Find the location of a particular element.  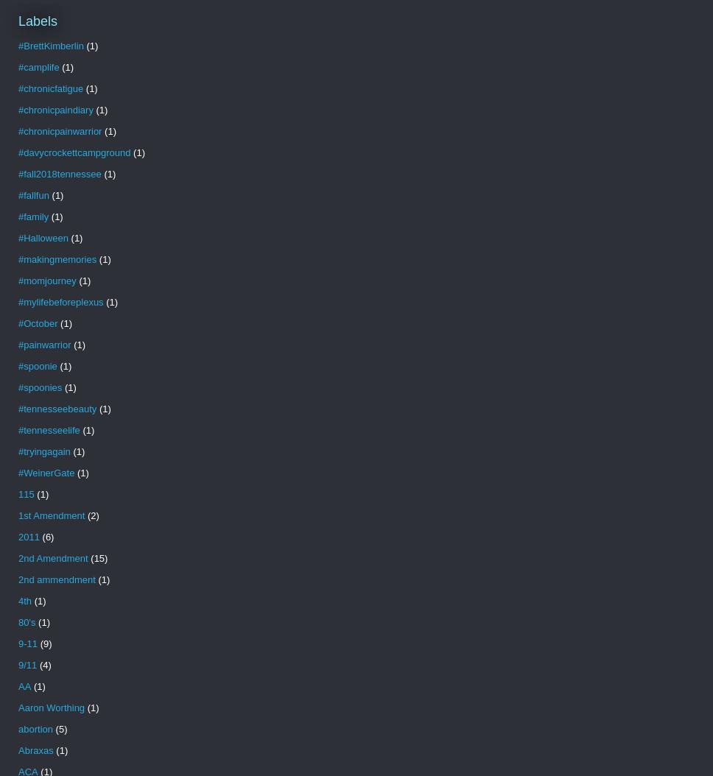

'#makingmemories' is located at coordinates (57, 259).